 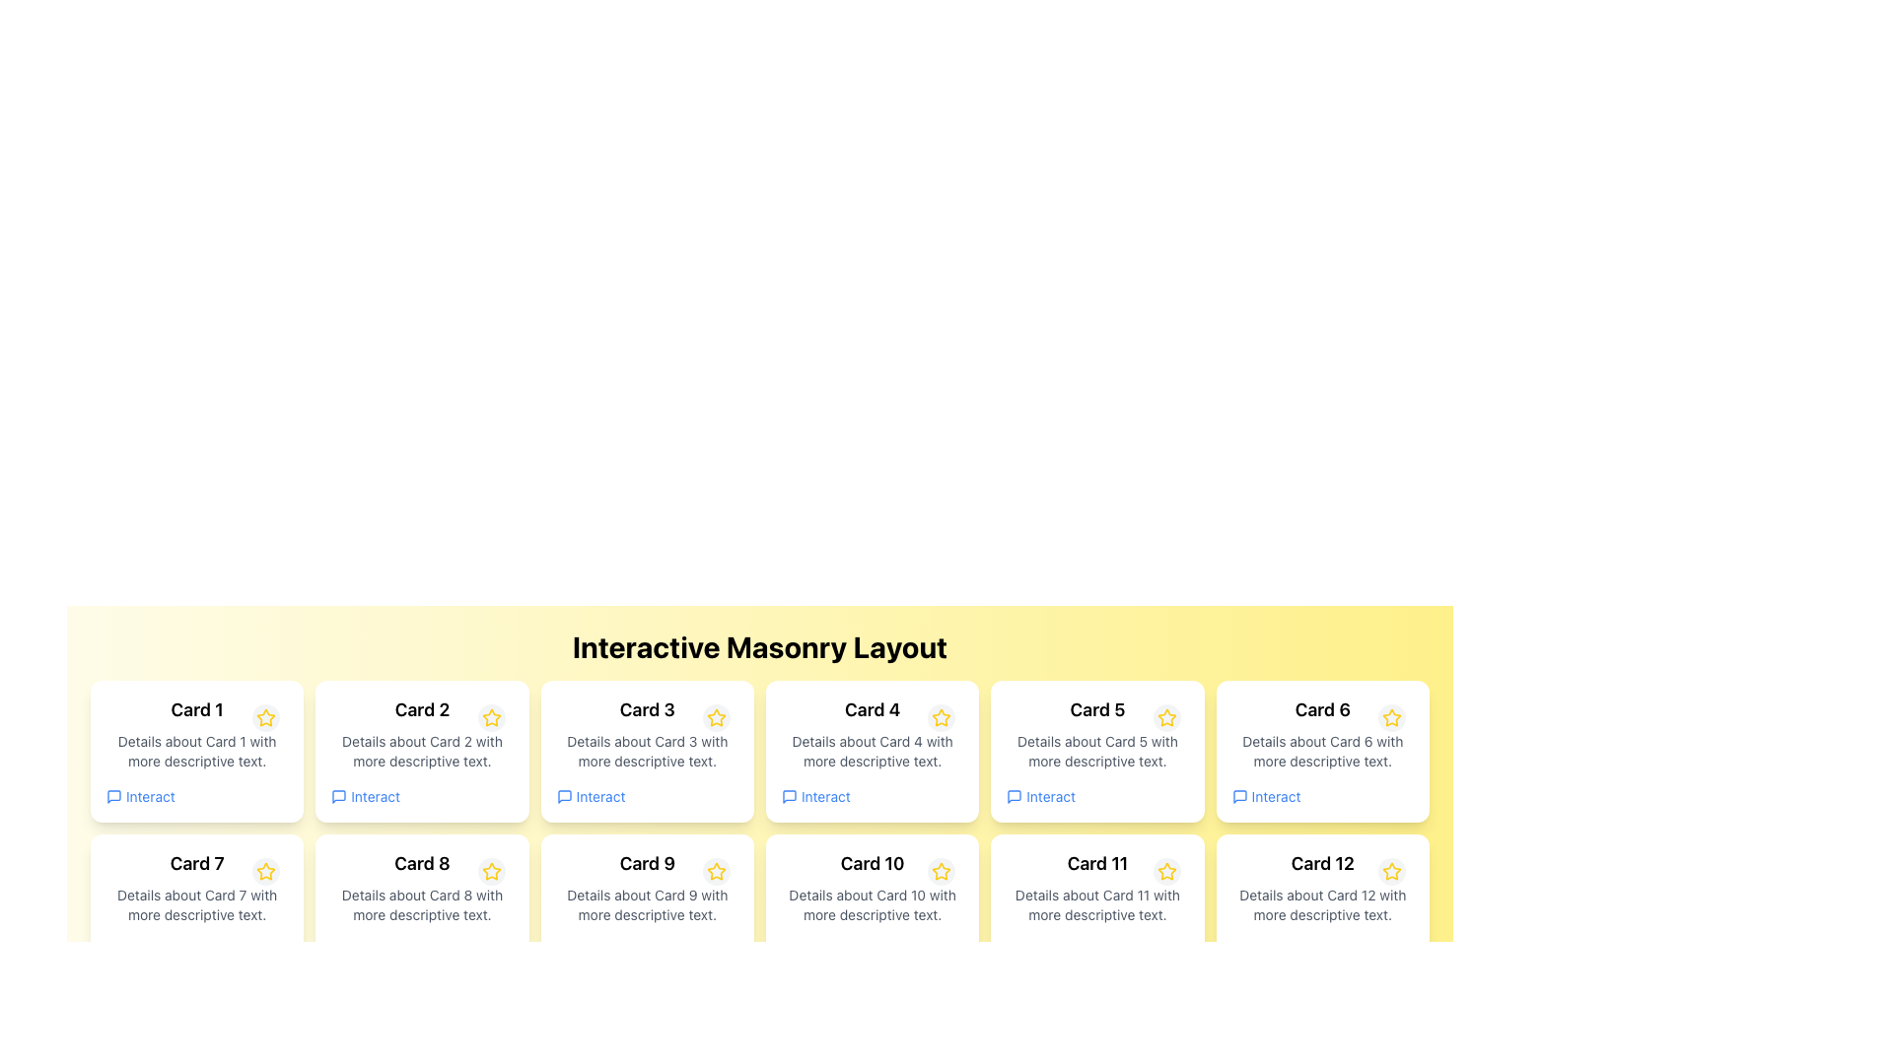 I want to click on the yellow outlined star icon located at the top right corner of 'Card 10' to favorite or unfavorite the card, so click(x=941, y=870).